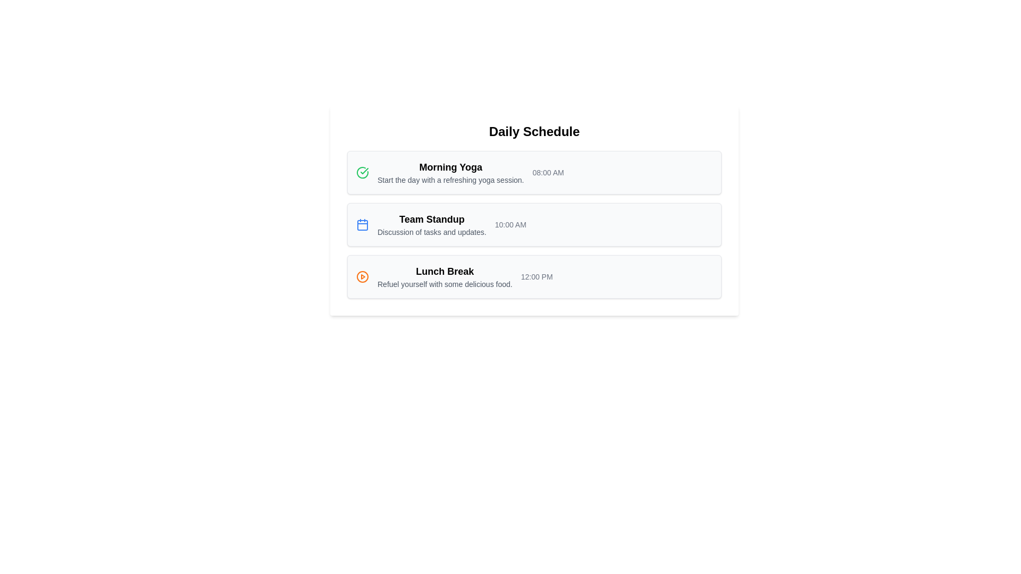 The image size is (1021, 574). Describe the element at coordinates (534, 224) in the screenshot. I see `keyboard navigation` at that location.